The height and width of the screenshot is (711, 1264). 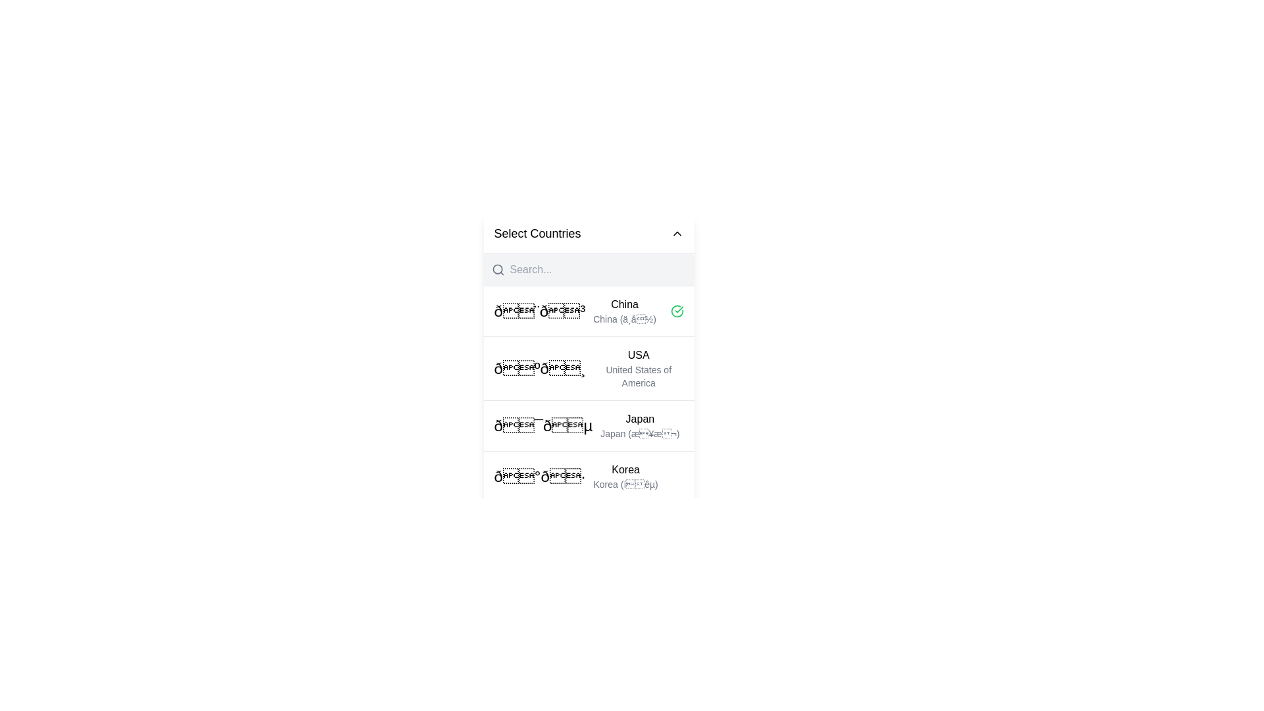 I want to click on the upward-pointing chevron icon located at the far right of the header section labeled 'Select Countries', so click(x=677, y=232).